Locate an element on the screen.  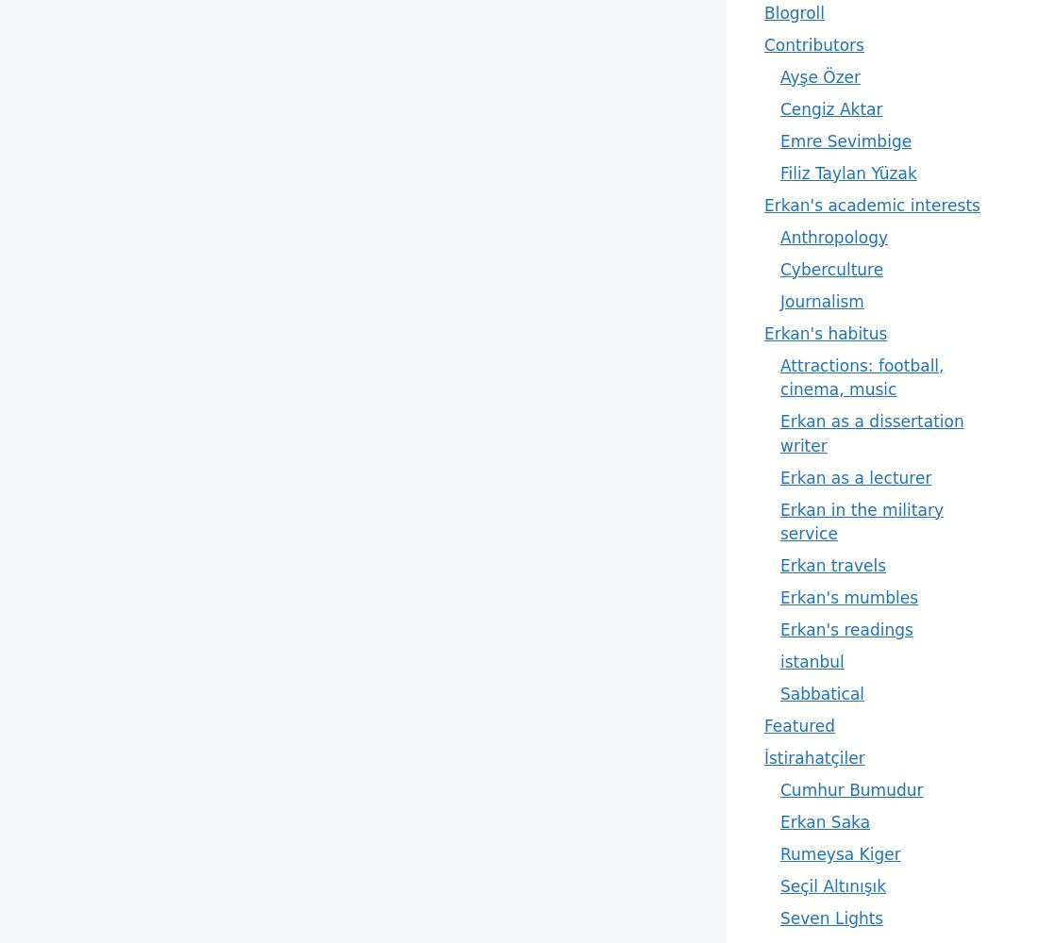
'Erkan's habitus' is located at coordinates (764, 332).